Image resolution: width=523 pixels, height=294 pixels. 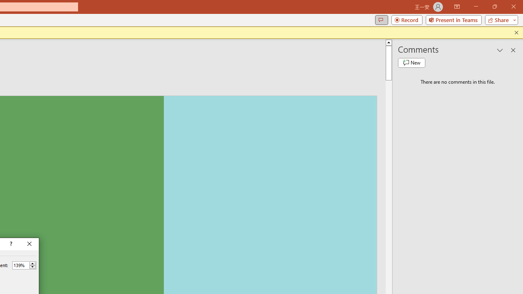 What do you see at coordinates (407, 19) in the screenshot?
I see `'Record'` at bounding box center [407, 19].